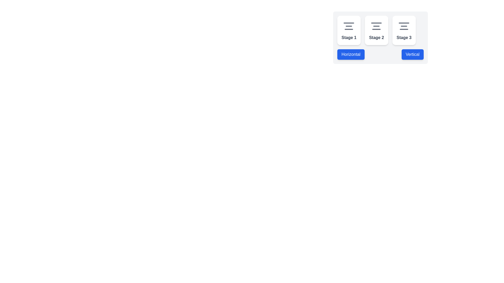 The image size is (504, 283). What do you see at coordinates (376, 26) in the screenshot?
I see `the 'Align Center' SVG graphic icon located centrally within the 'Stage 2' card, directly under the label text 'Stage 2'` at bounding box center [376, 26].